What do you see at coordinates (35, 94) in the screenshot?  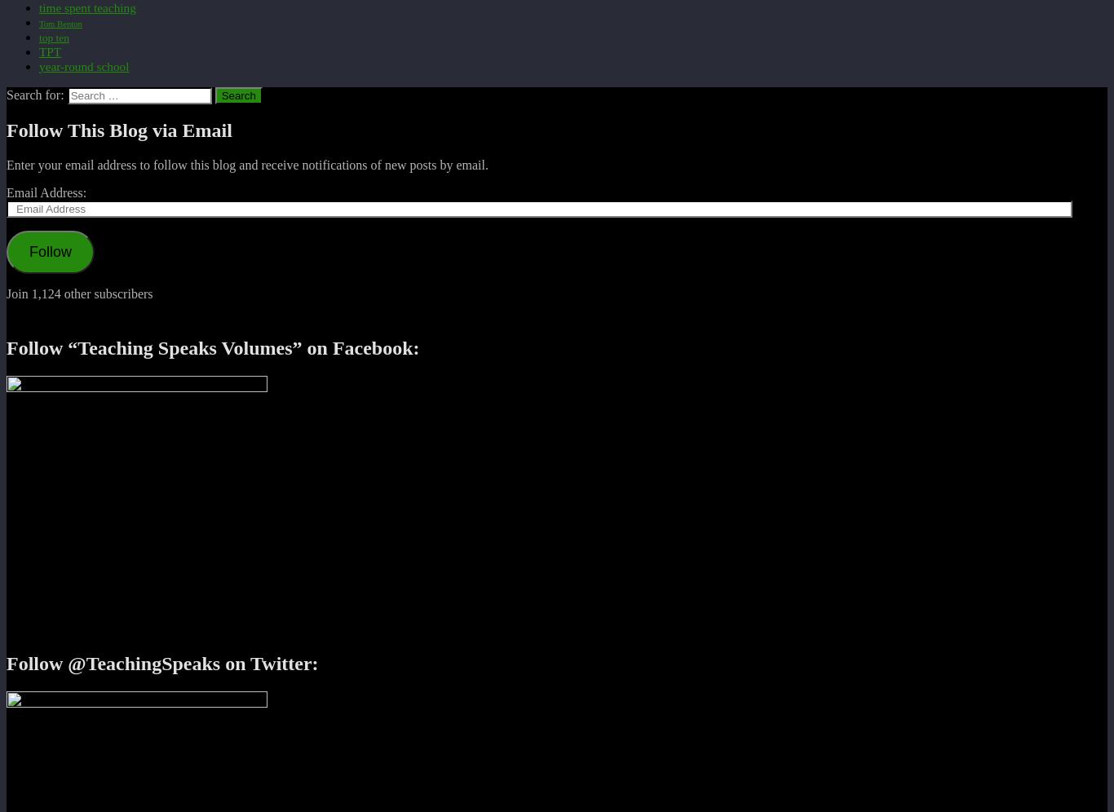 I see `'Search for:'` at bounding box center [35, 94].